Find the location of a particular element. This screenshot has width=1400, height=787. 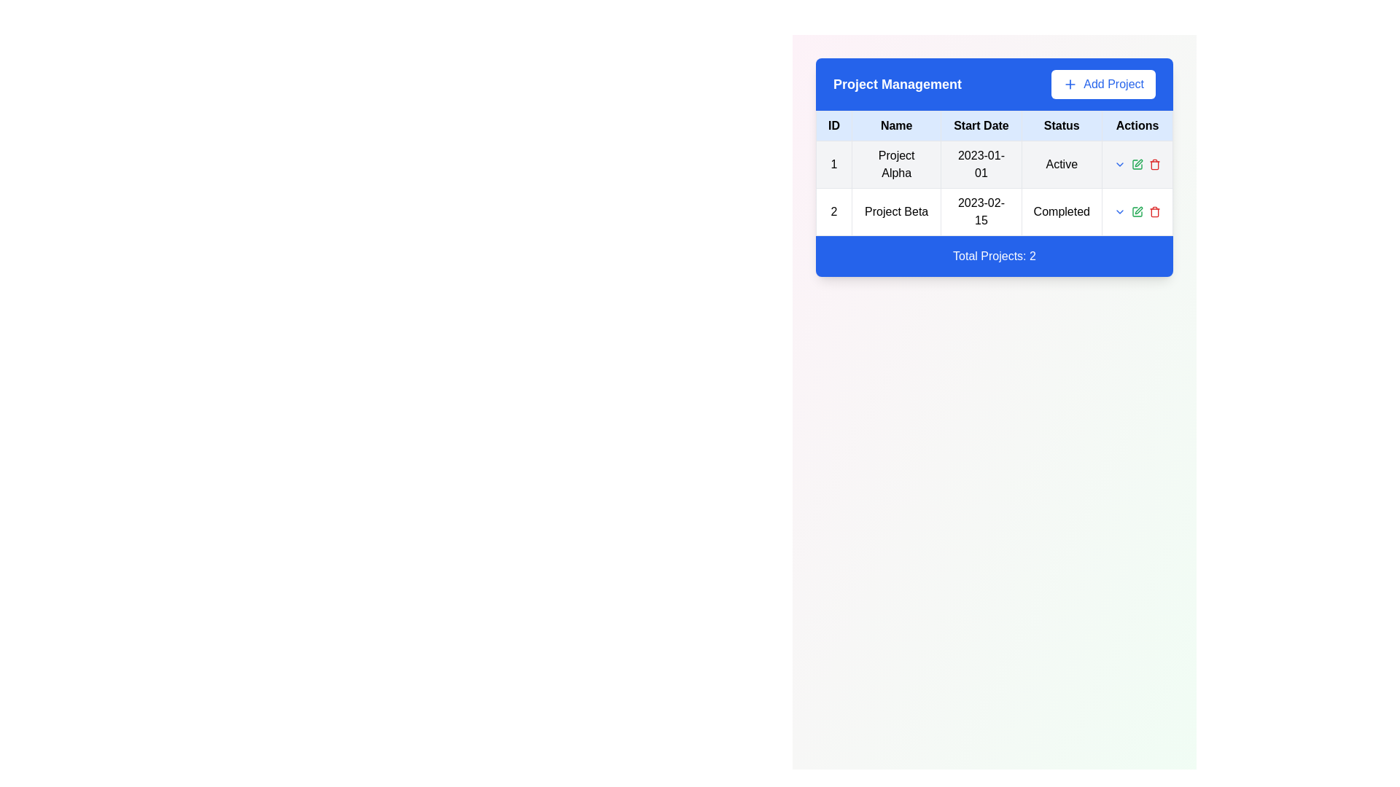

text 'Status' from the table header cell which is the fourth column in a data table is located at coordinates (1062, 125).